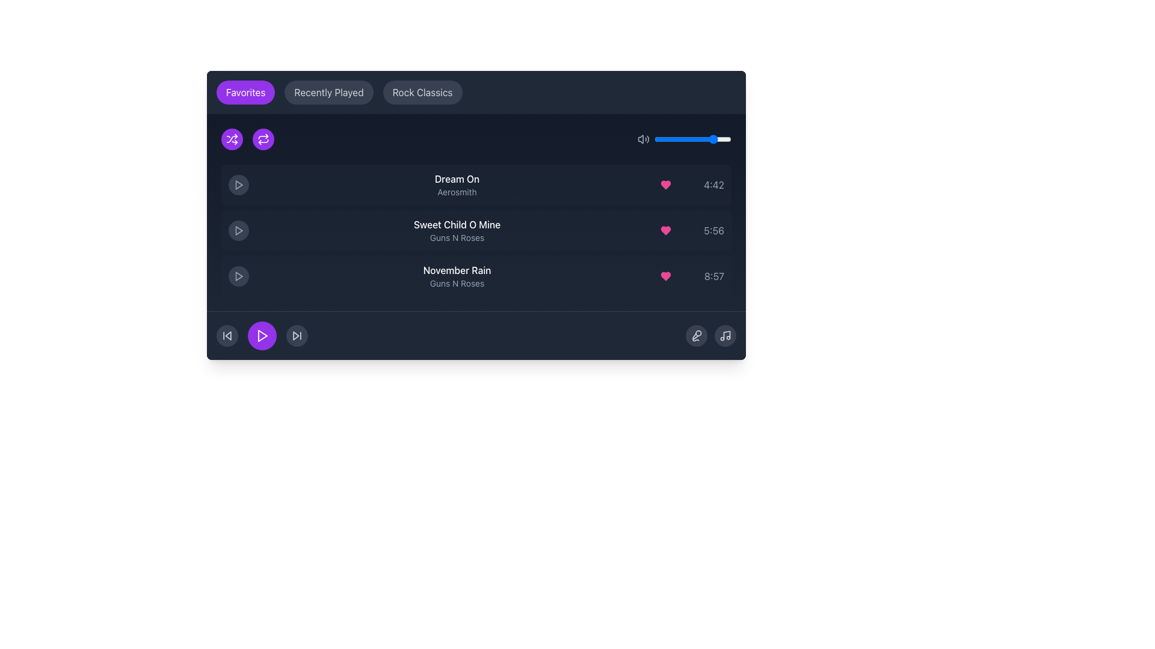  Describe the element at coordinates (695, 138) in the screenshot. I see `the volume` at that location.